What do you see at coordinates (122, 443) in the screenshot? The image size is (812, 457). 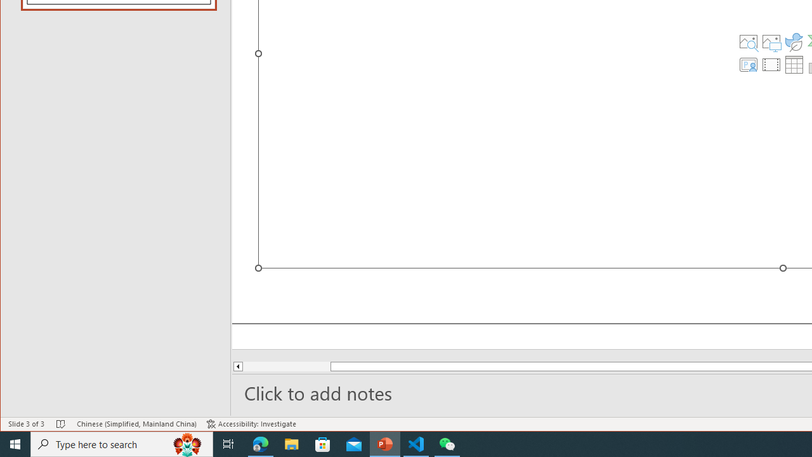 I see `'Type here to search'` at bounding box center [122, 443].